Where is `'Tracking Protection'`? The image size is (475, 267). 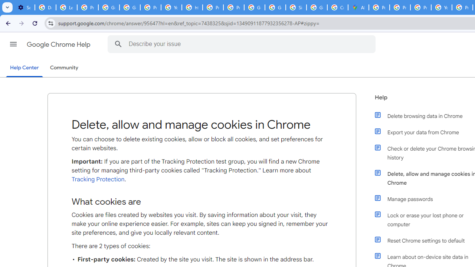 'Tracking Protection' is located at coordinates (98, 179).